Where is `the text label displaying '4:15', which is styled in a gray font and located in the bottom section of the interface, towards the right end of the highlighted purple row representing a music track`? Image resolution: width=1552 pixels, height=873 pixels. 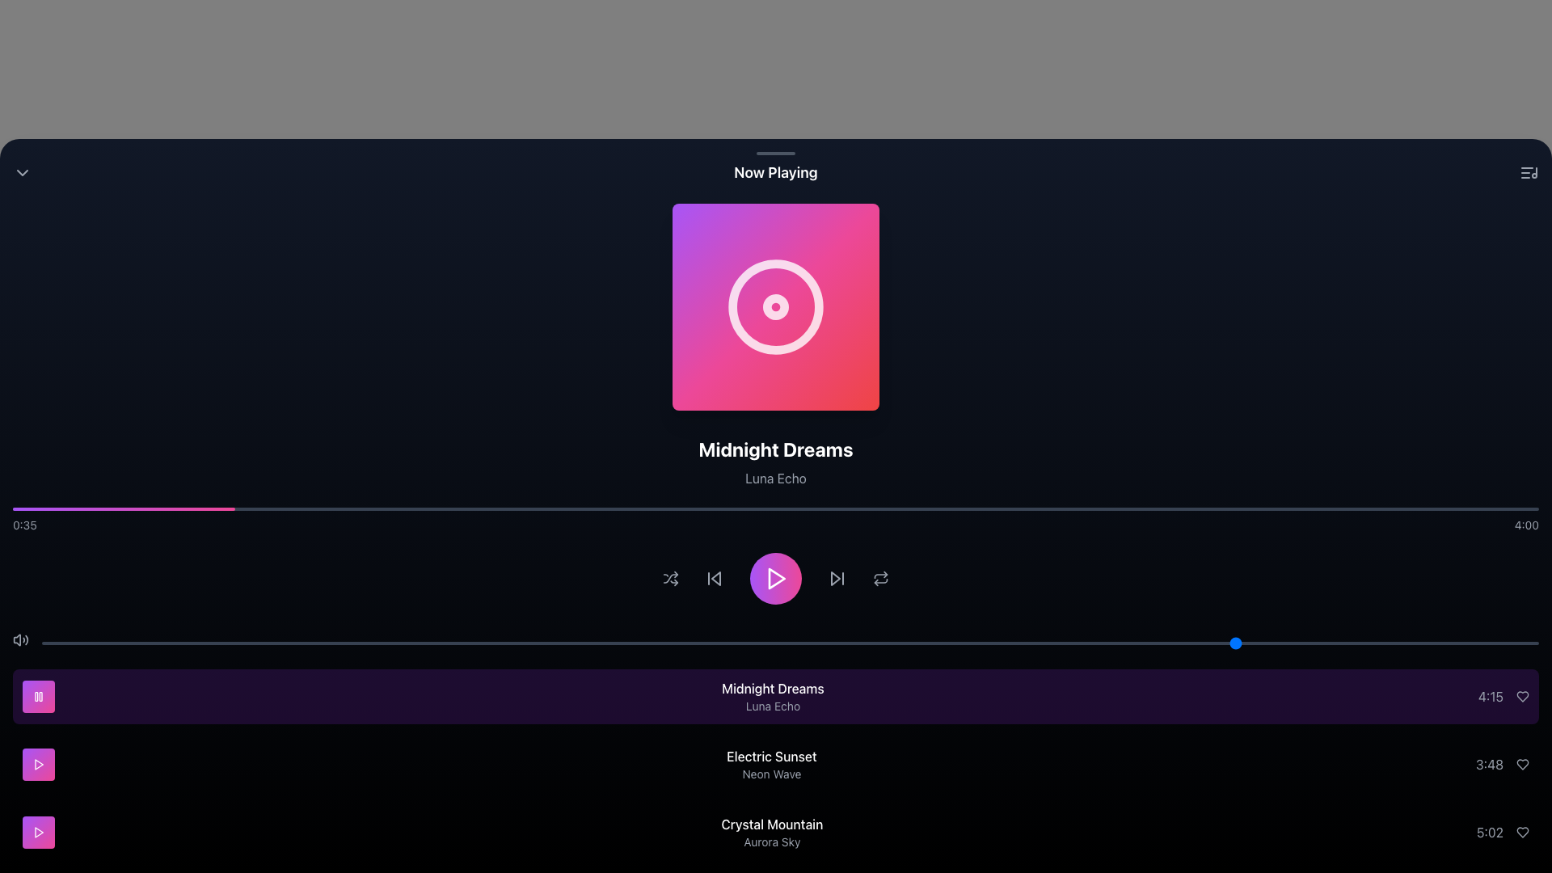 the text label displaying '4:15', which is styled in a gray font and located in the bottom section of the interface, towards the right end of the highlighted purple row representing a music track is located at coordinates (1490, 695).